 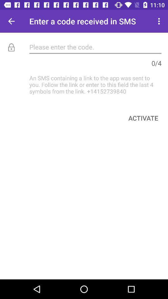 What do you see at coordinates (160, 21) in the screenshot?
I see `icon to the right of enter a code` at bounding box center [160, 21].